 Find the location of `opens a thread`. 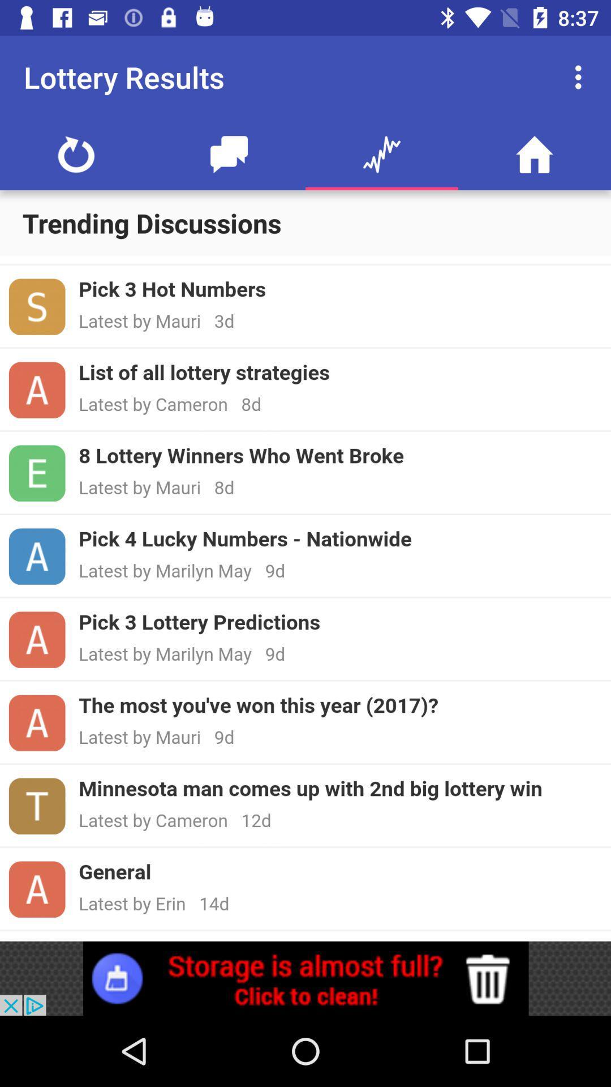

opens a thread is located at coordinates (305, 598).